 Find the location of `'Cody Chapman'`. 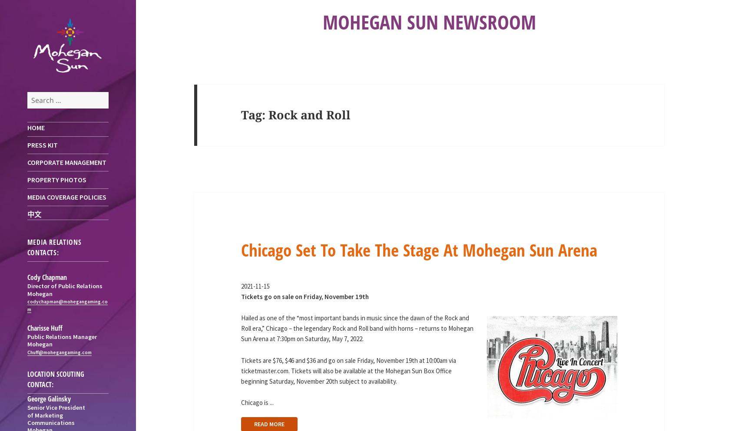

'Cody Chapman' is located at coordinates (46, 276).